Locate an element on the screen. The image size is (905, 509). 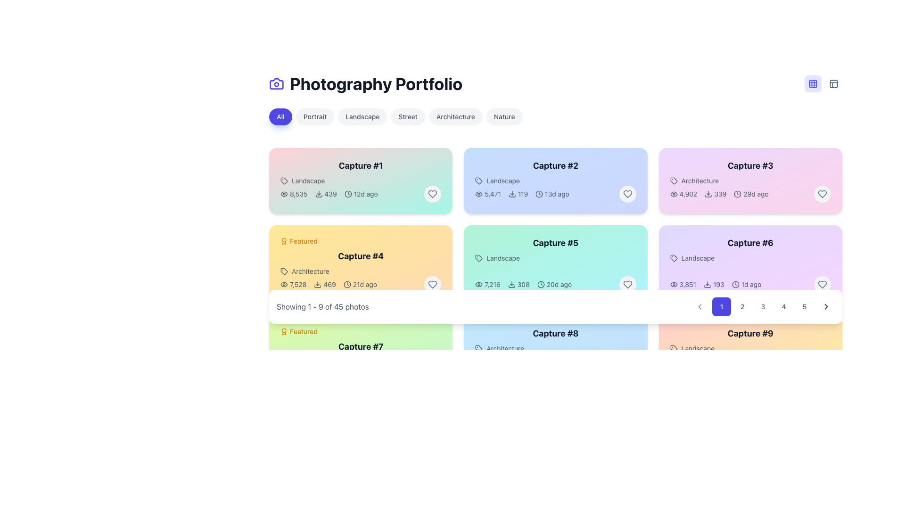
the card labeled 'Capture #7' with 'Featured' in amber font is located at coordinates (360, 347).